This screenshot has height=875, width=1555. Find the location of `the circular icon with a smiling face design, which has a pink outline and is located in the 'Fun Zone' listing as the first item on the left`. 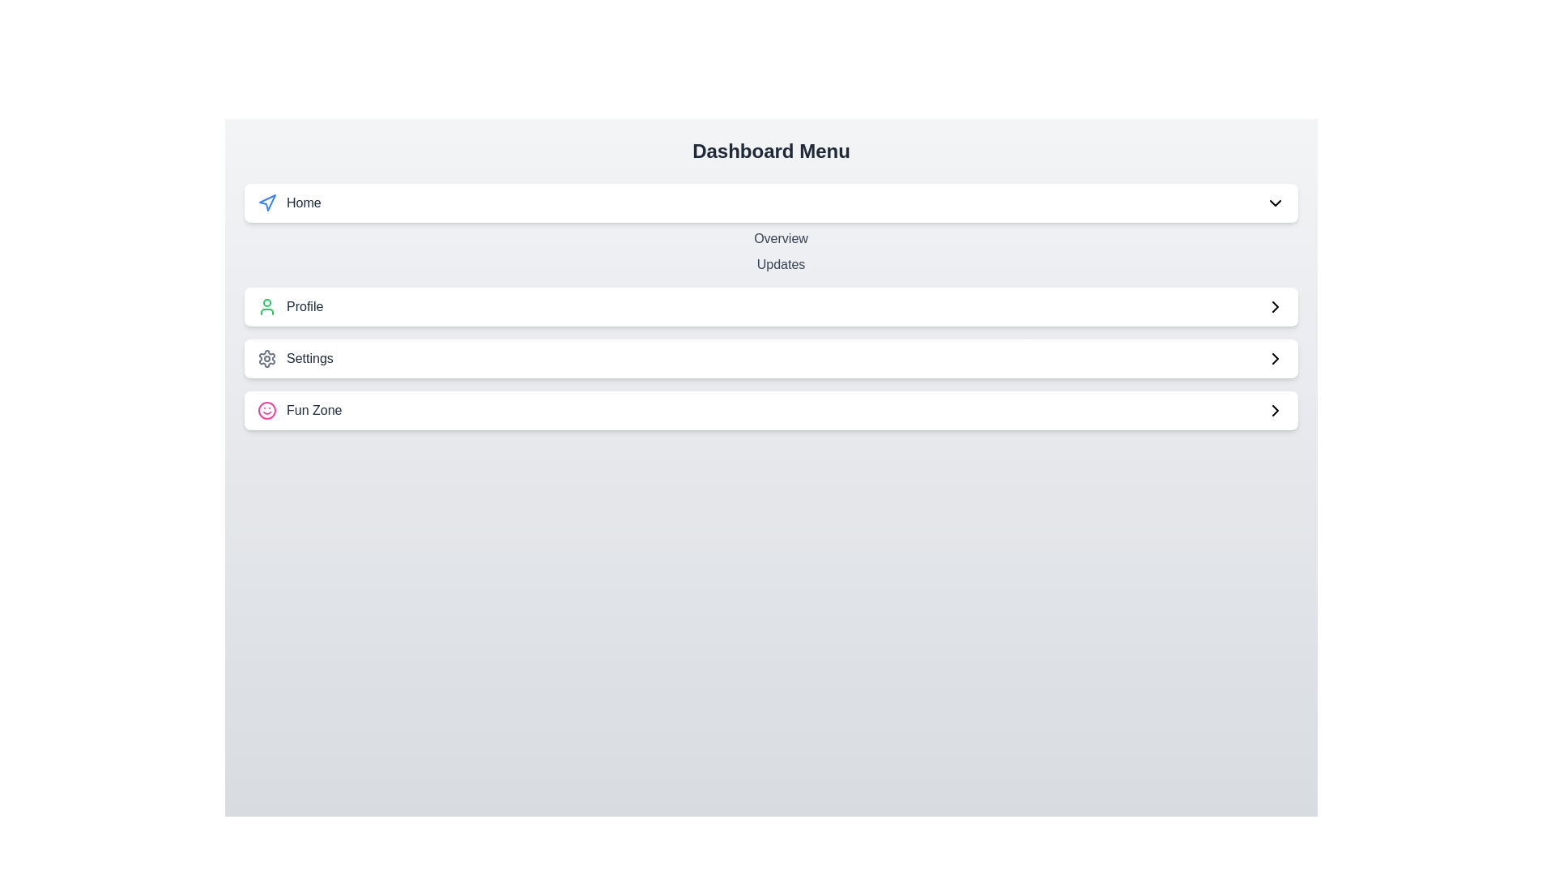

the circular icon with a smiling face design, which has a pink outline and is located in the 'Fun Zone' listing as the first item on the left is located at coordinates (267, 409).